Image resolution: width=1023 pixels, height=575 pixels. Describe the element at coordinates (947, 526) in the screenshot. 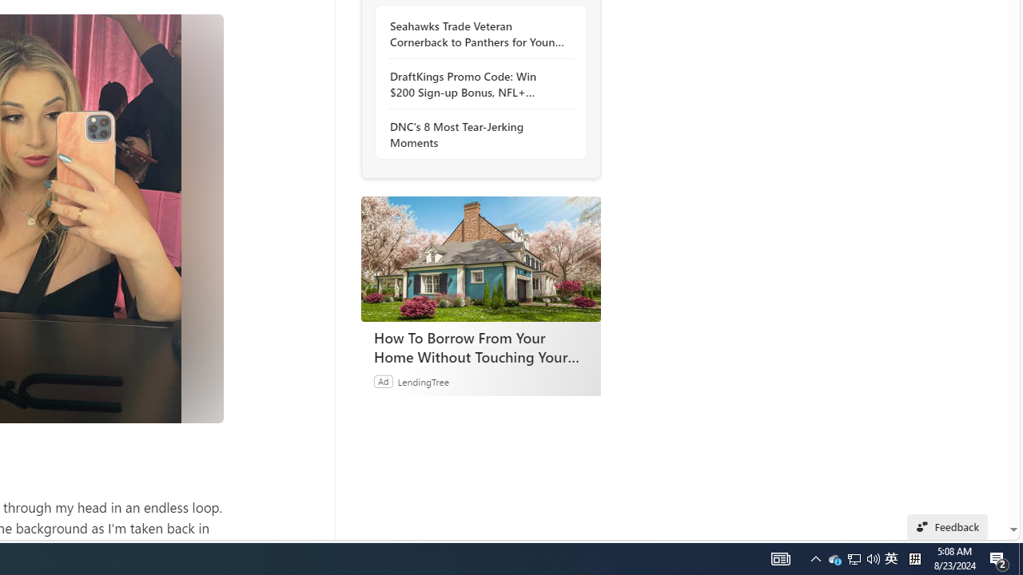

I see `'Feedback'` at that location.